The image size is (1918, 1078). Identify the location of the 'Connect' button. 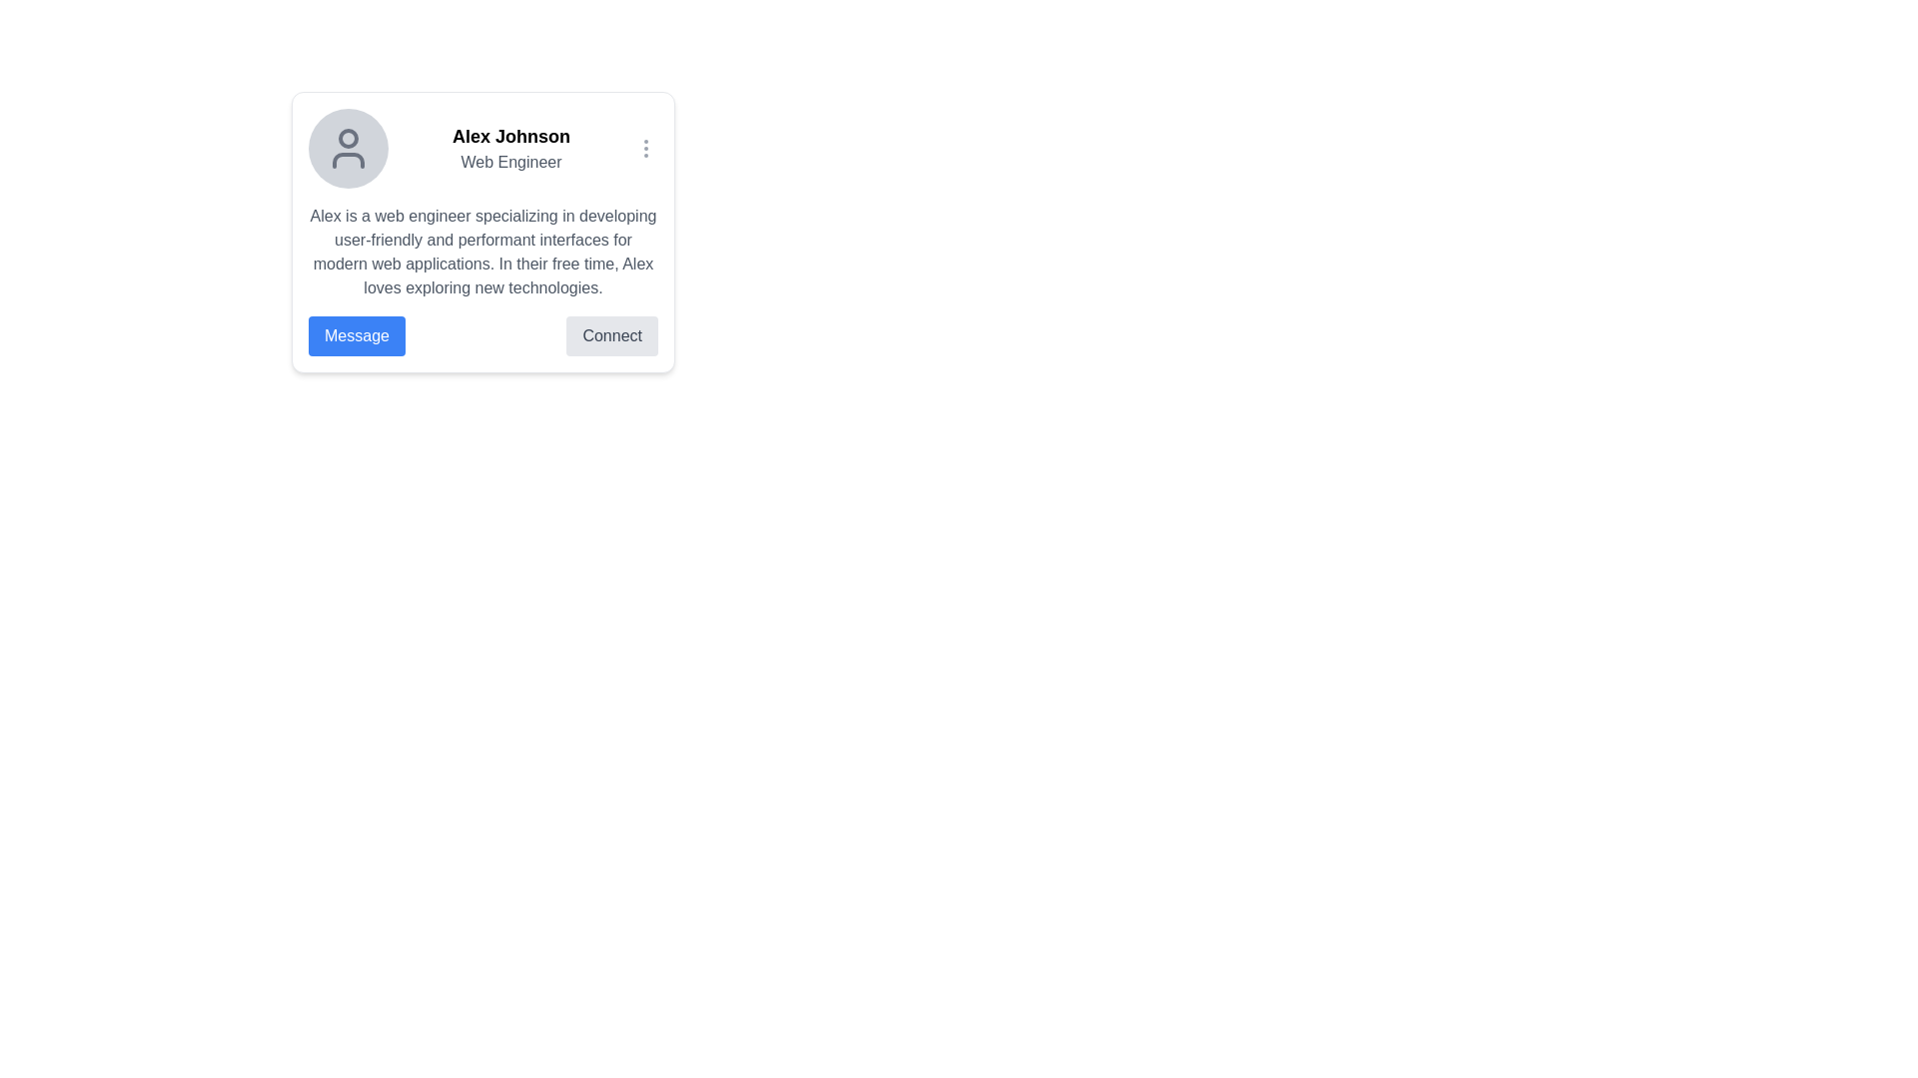
(611, 334).